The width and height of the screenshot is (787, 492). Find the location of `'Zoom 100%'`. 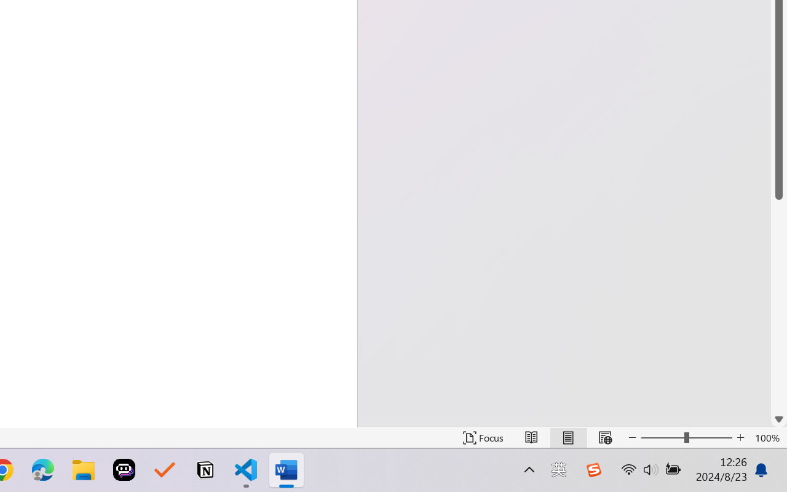

'Zoom 100%' is located at coordinates (767, 437).